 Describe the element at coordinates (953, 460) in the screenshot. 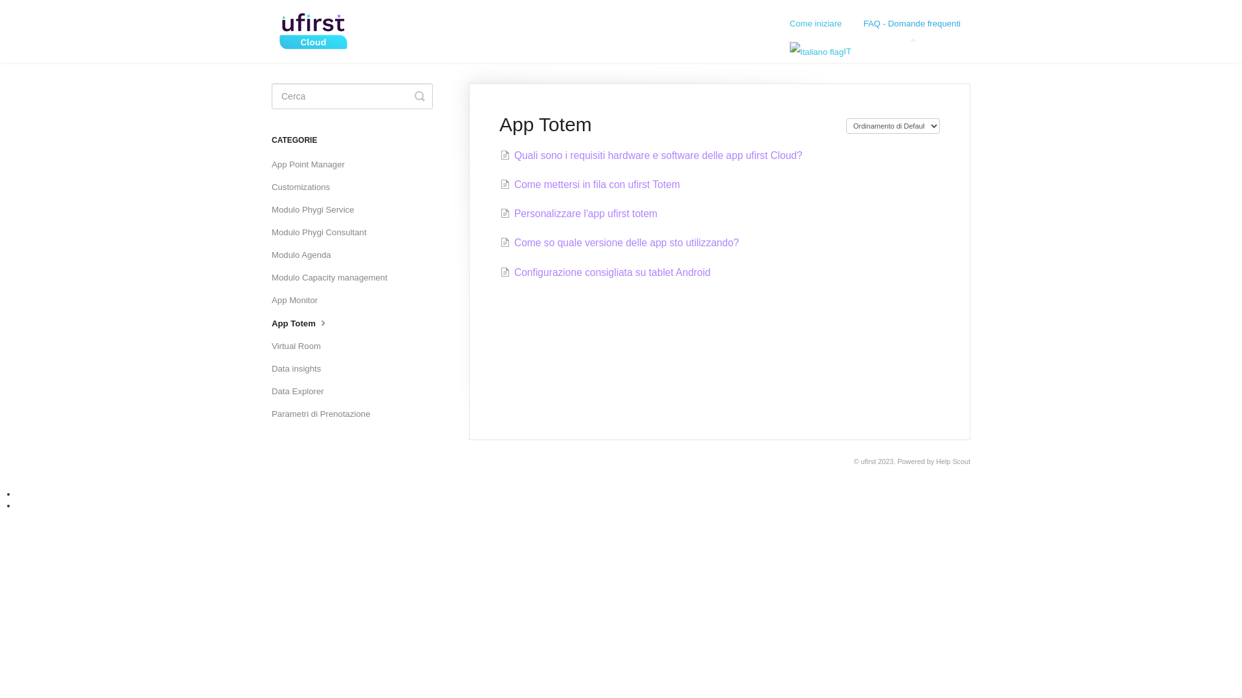

I see `'Help Scout'` at that location.